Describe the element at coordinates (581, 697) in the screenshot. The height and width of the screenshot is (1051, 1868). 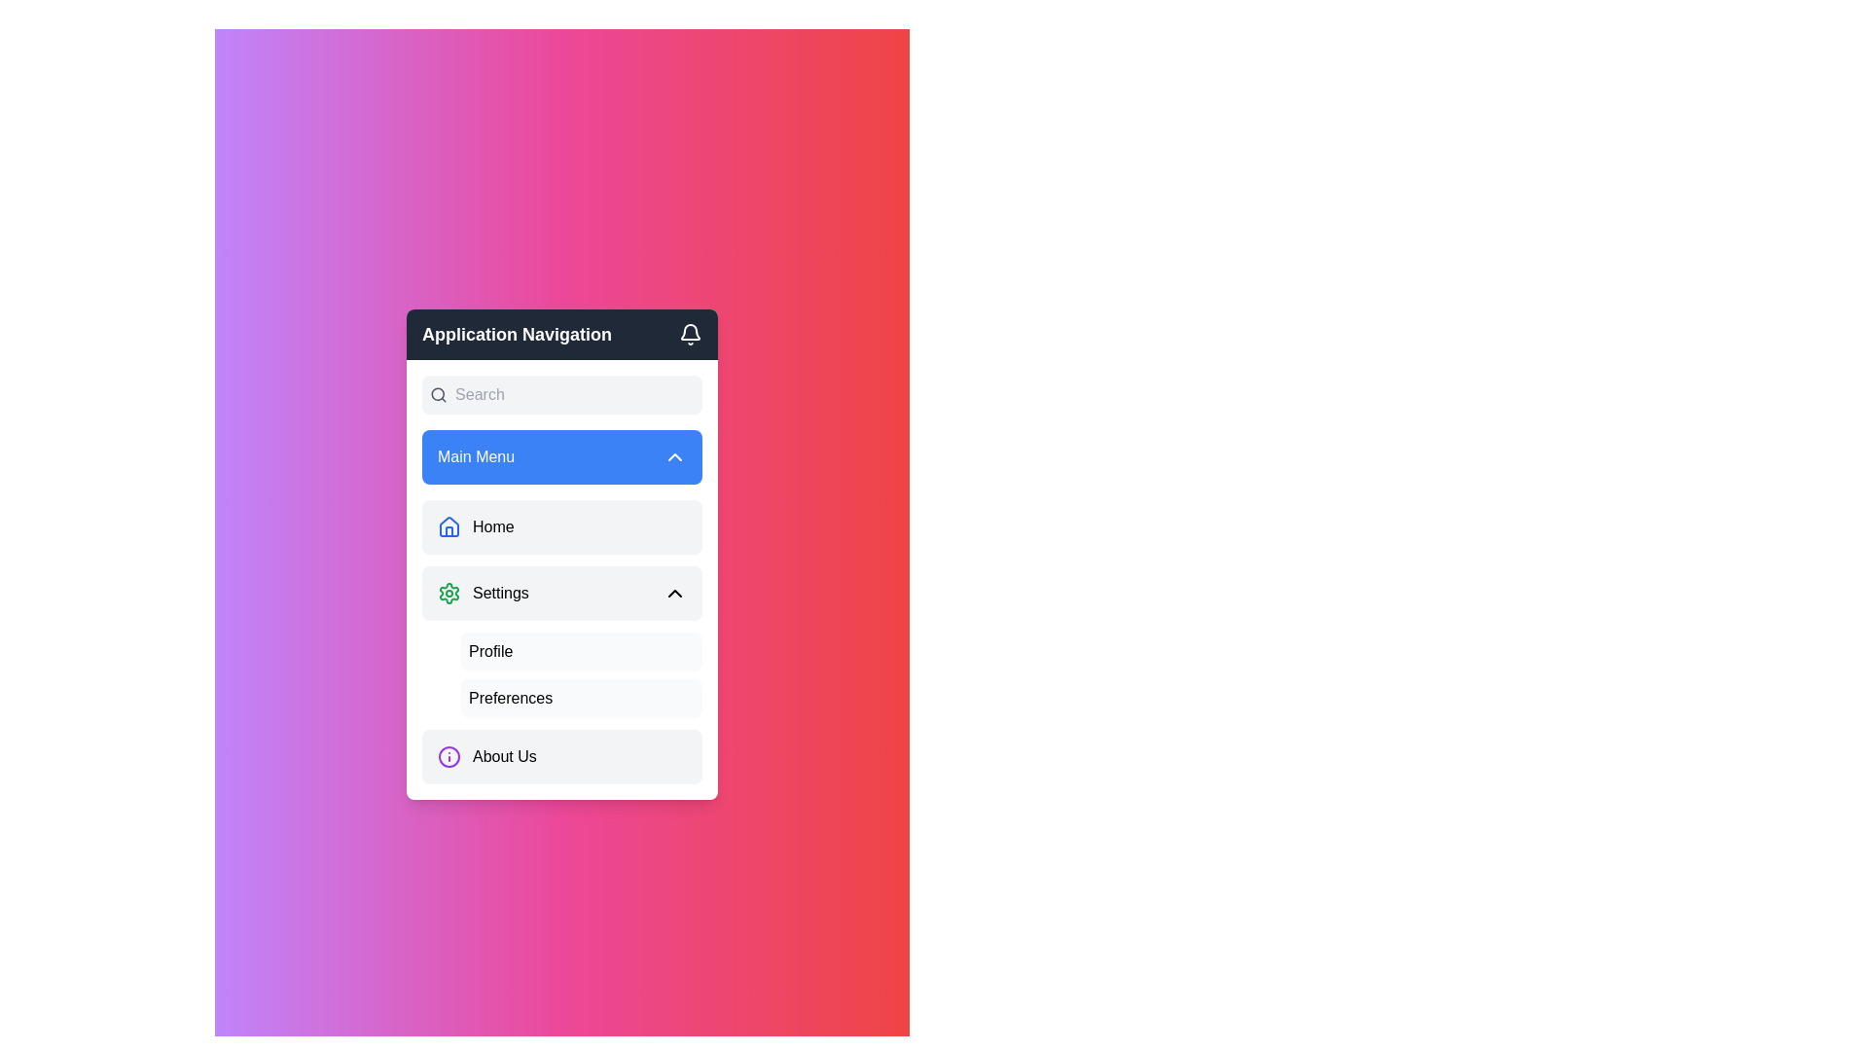
I see `keyboard navigation` at that location.